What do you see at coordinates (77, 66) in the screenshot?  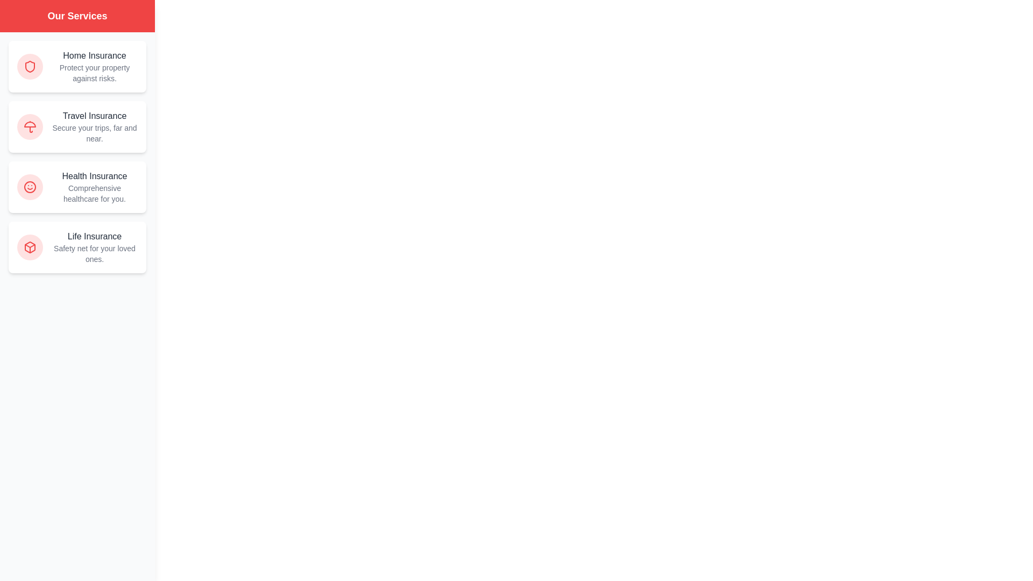 I see `the Home Insurance service card to interact with it` at bounding box center [77, 66].